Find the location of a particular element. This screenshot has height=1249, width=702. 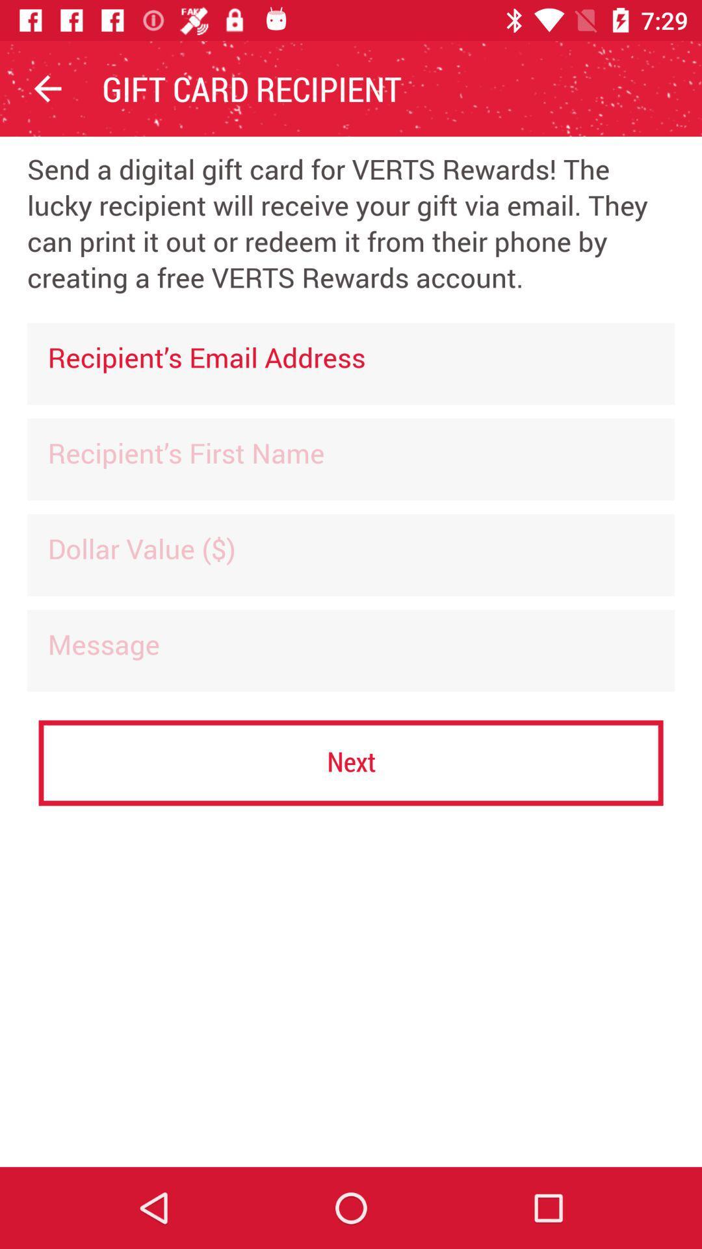

the icon below the send a digital is located at coordinates (351, 364).